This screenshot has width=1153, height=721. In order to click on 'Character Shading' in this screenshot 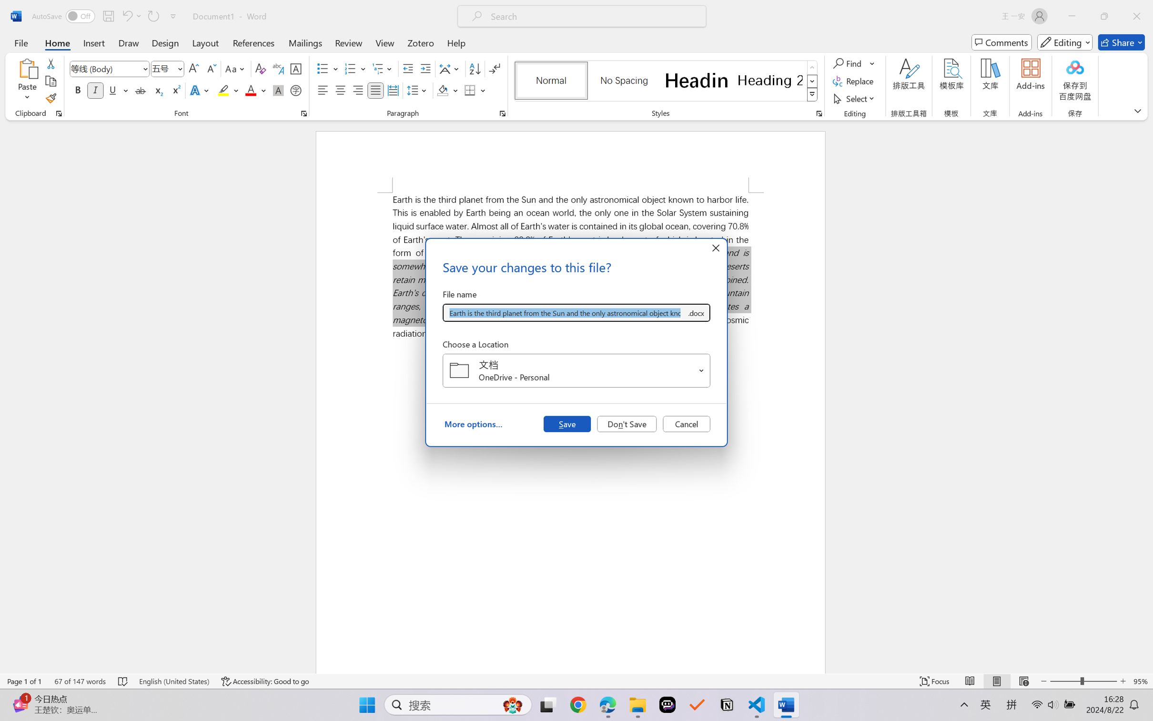, I will do `click(277, 90)`.